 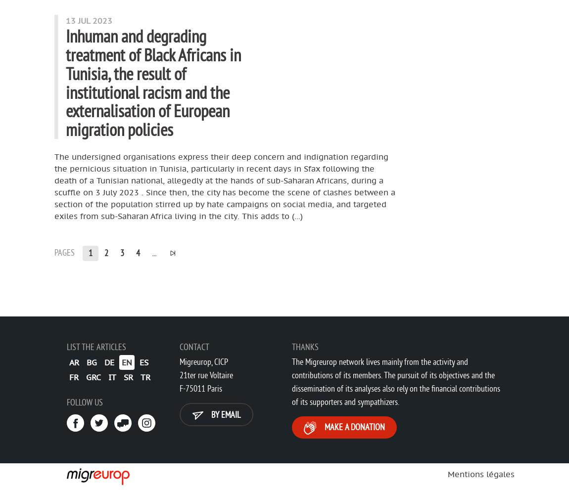 I want to click on '4', so click(x=137, y=253).